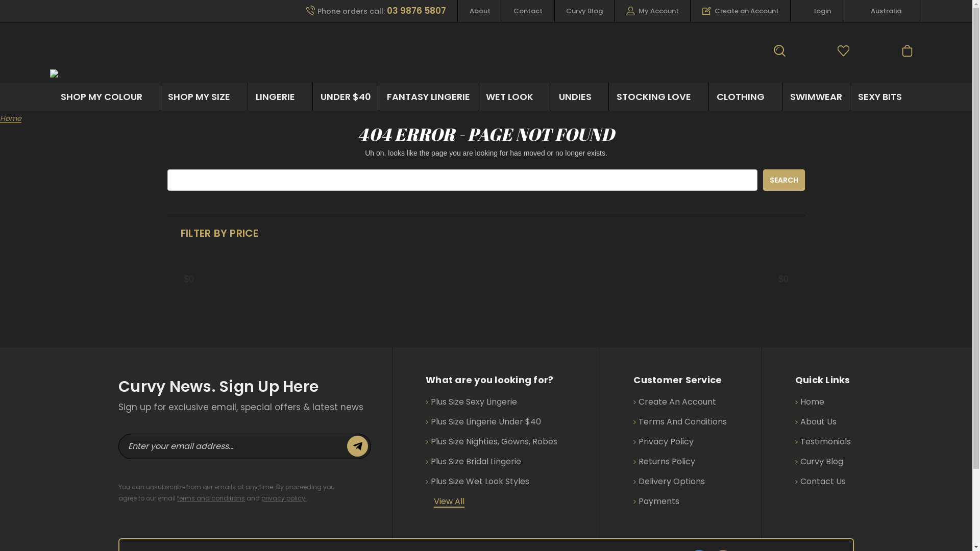  Describe the element at coordinates (708, 96) in the screenshot. I see `'CLOTHING'` at that location.